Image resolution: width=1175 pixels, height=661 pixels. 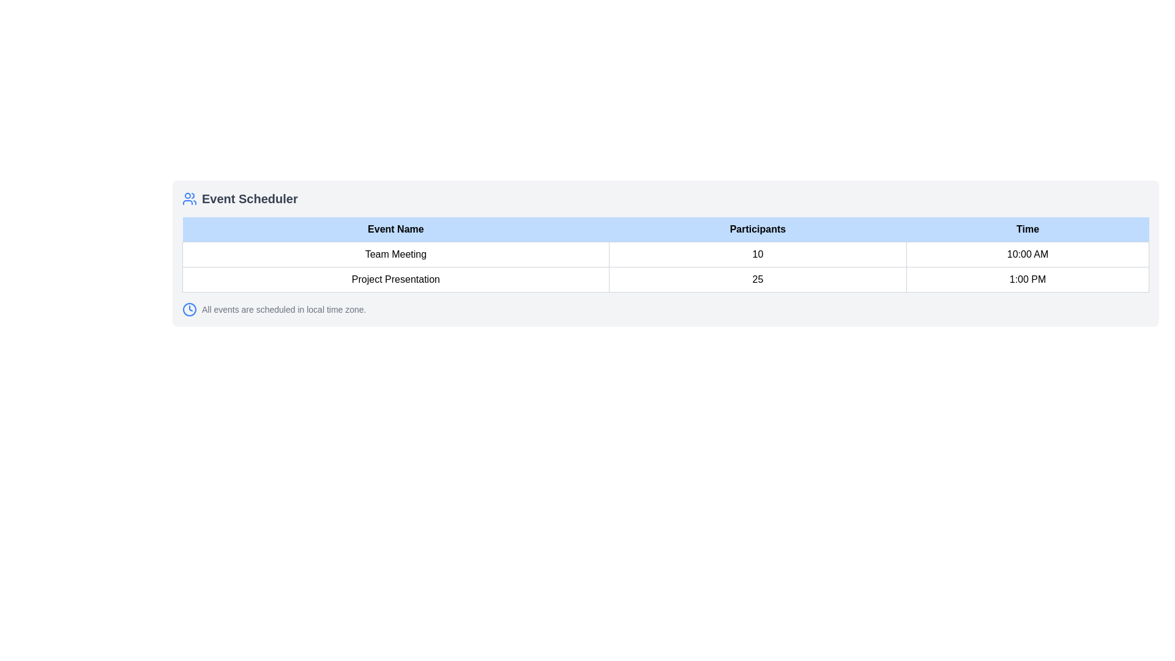 I want to click on the Table Header Cell labeled 'Participants' which is styled with center alignment and padding, located within a blue rectangular background at the top of the tabular interface, so click(x=757, y=230).